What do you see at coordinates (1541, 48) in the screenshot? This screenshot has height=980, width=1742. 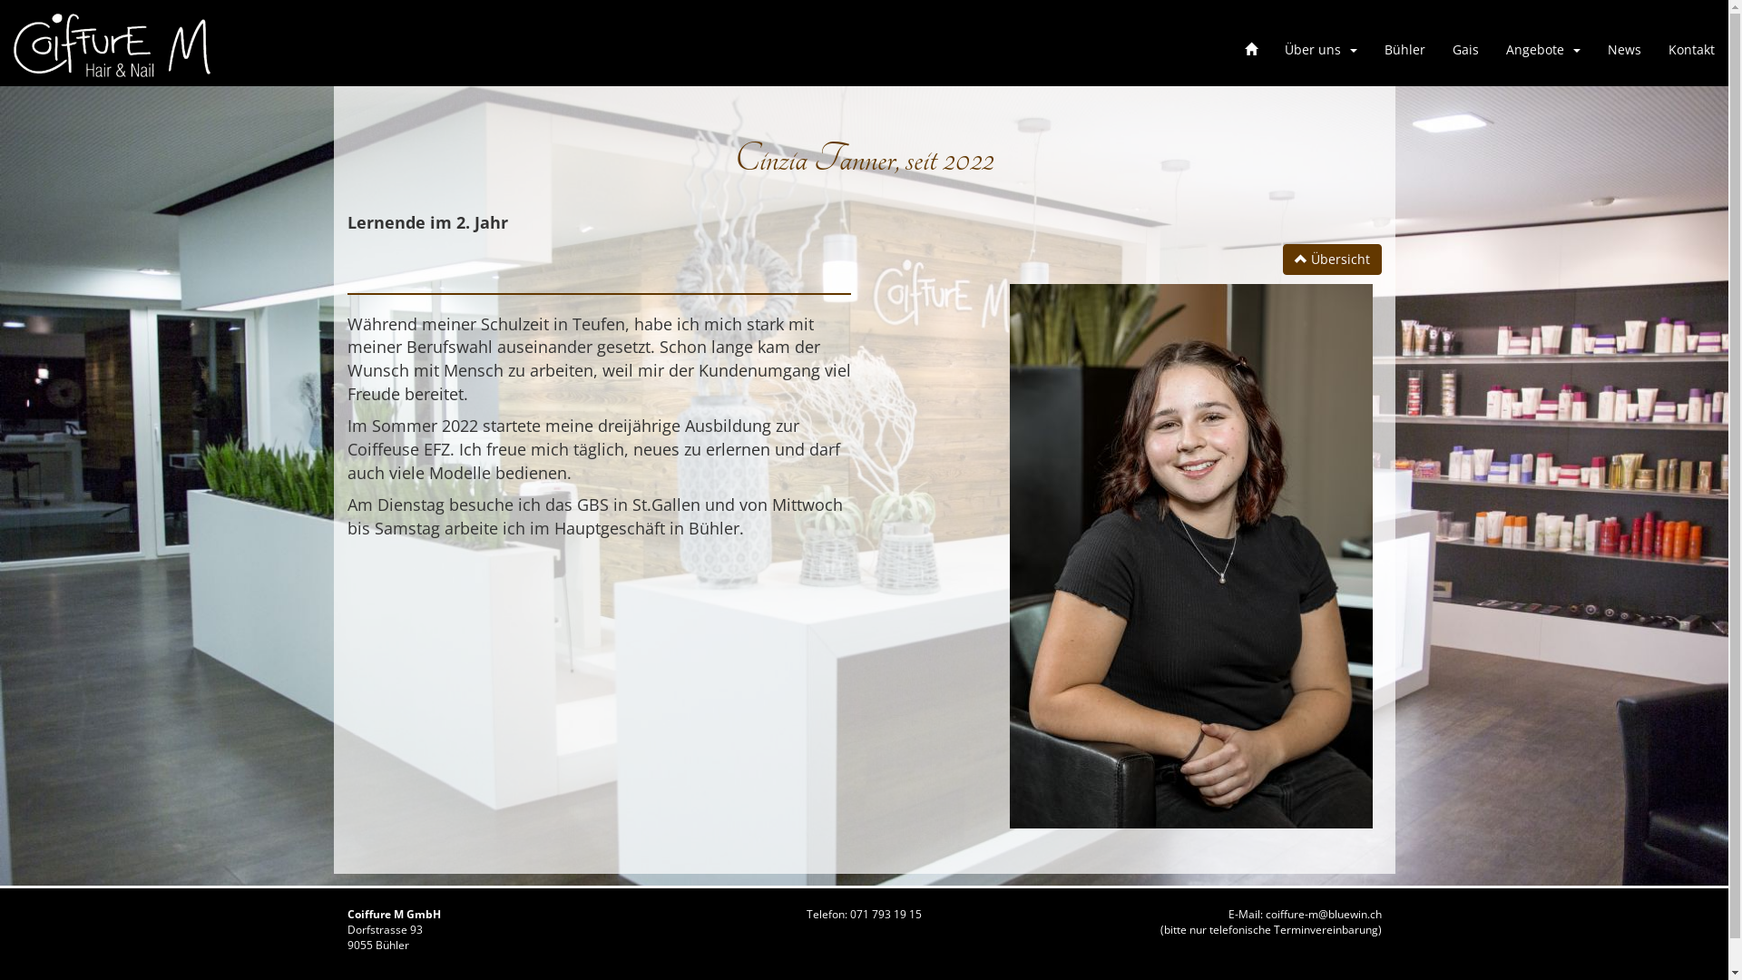 I see `'Angebote  '` at bounding box center [1541, 48].